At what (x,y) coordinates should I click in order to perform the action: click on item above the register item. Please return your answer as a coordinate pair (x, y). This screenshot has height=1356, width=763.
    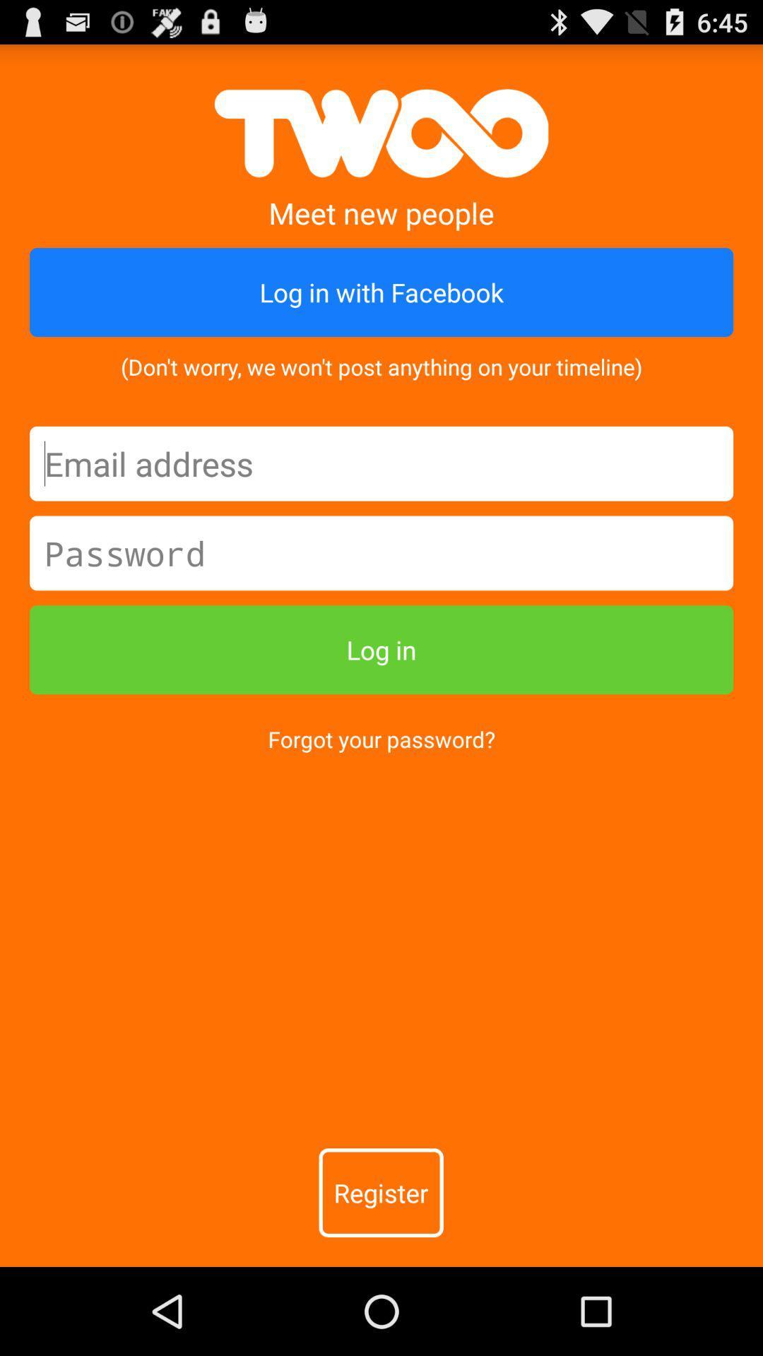
    Looking at the image, I should click on (381, 738).